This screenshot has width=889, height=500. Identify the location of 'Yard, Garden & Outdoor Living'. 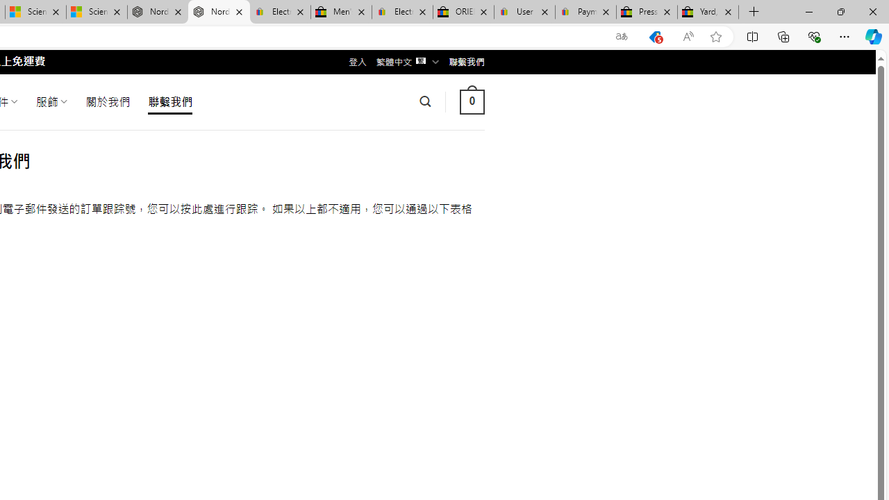
(708, 12).